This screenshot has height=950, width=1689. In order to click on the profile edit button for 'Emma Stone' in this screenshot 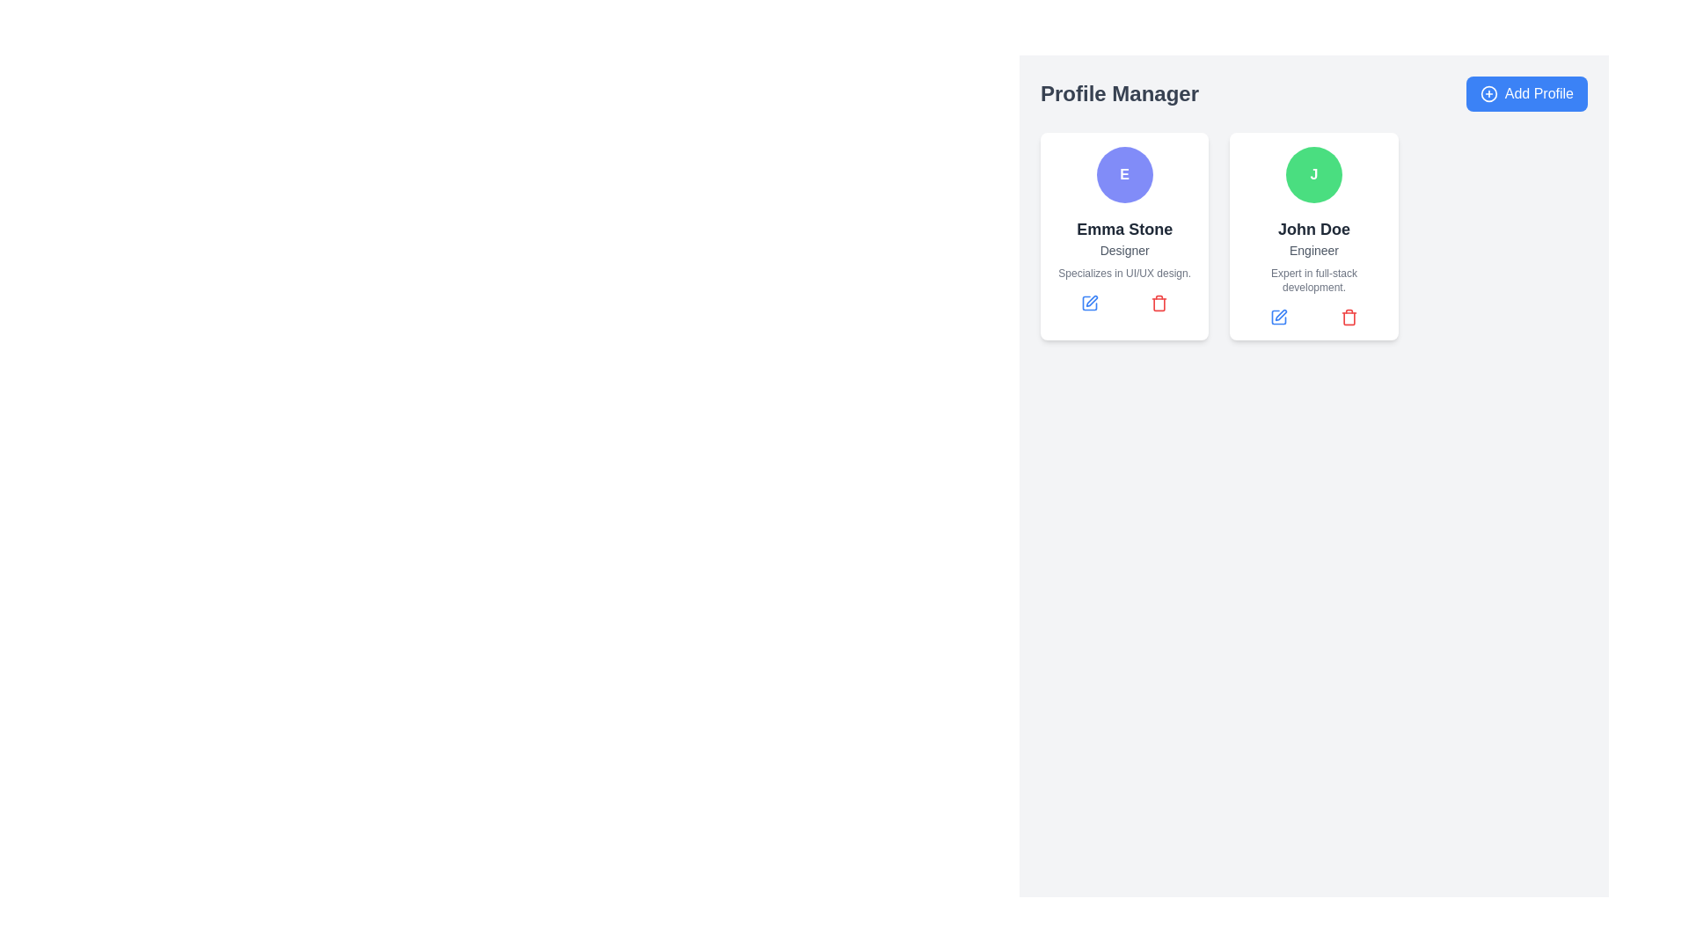, I will do `click(1088, 302)`.